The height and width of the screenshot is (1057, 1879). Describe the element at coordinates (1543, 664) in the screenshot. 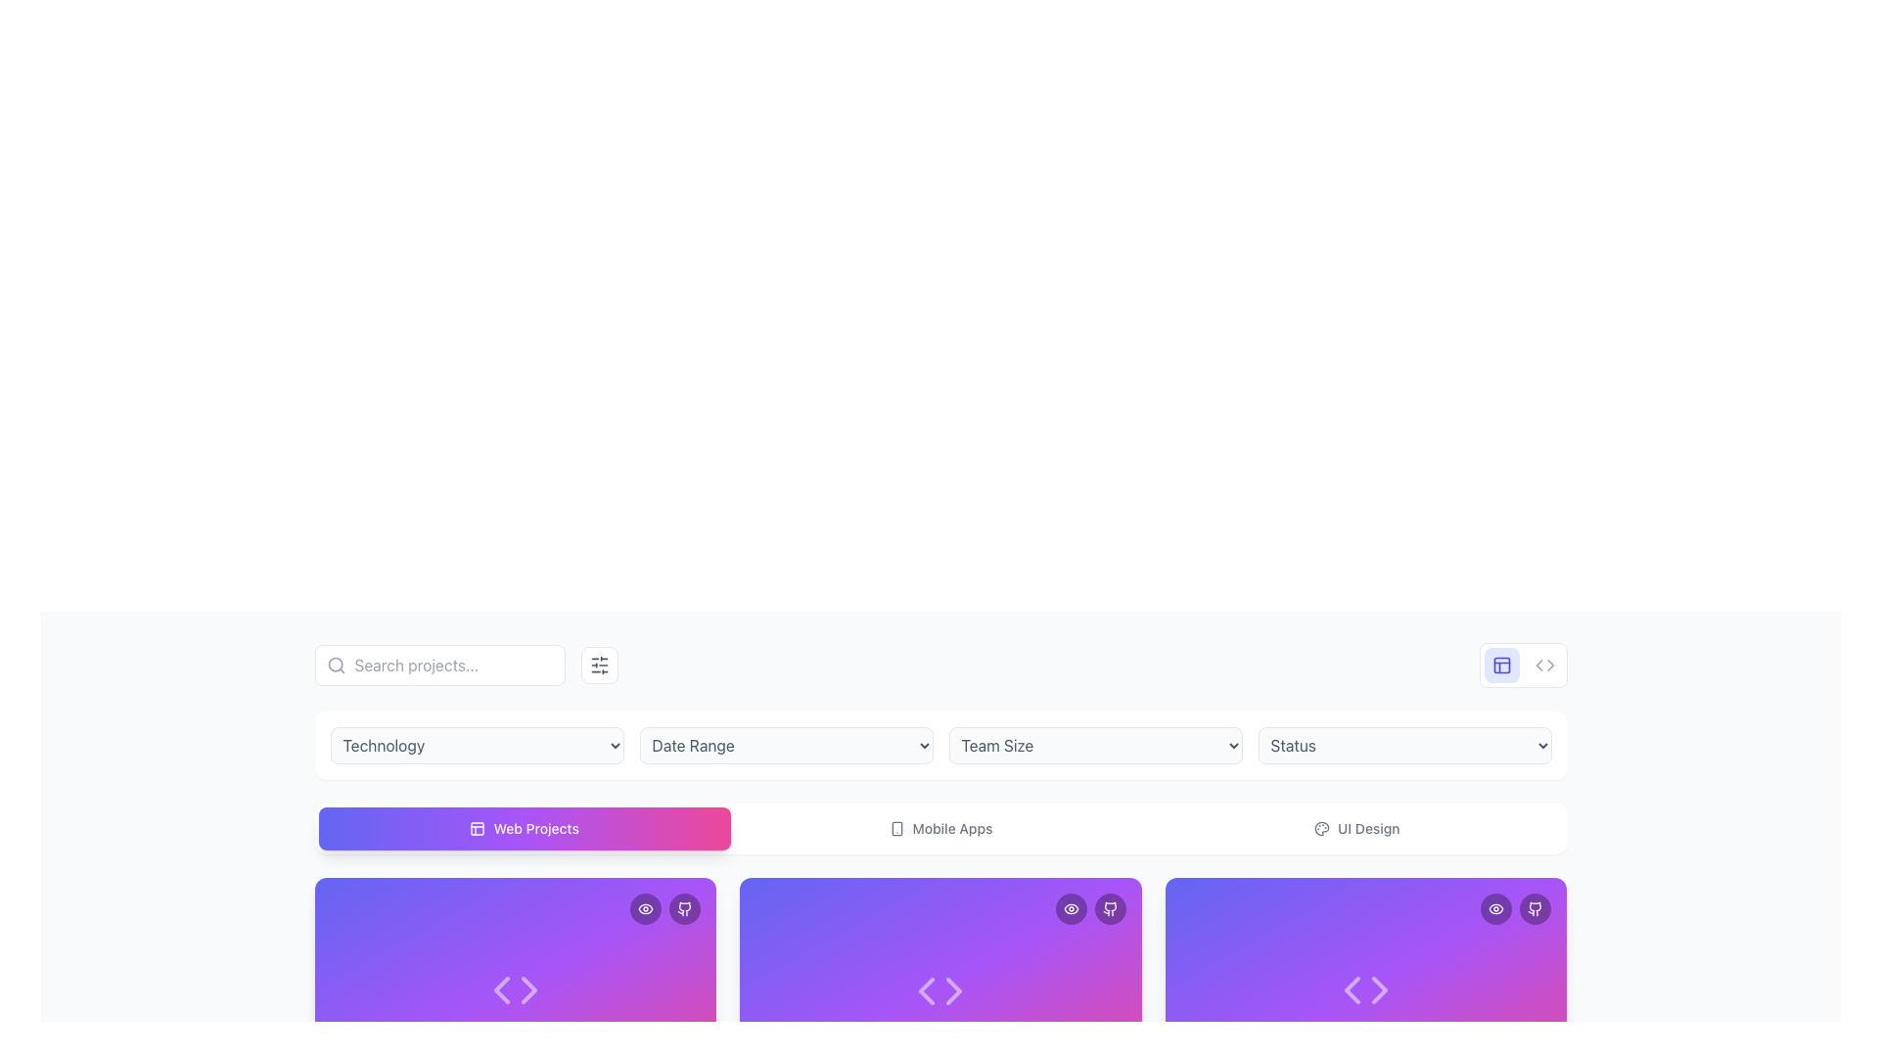

I see `the black icon button with inward-pointing arrows, located in the bottom-right corner of the upper section` at that location.